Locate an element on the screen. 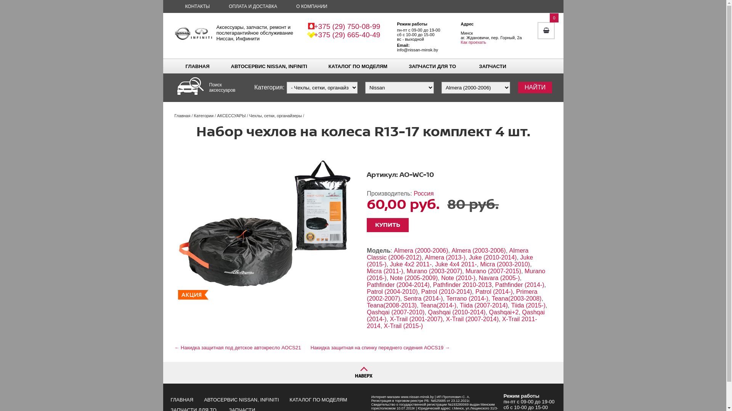 The width and height of the screenshot is (732, 411). '+375 (29) 665-40-49' is located at coordinates (347, 35).